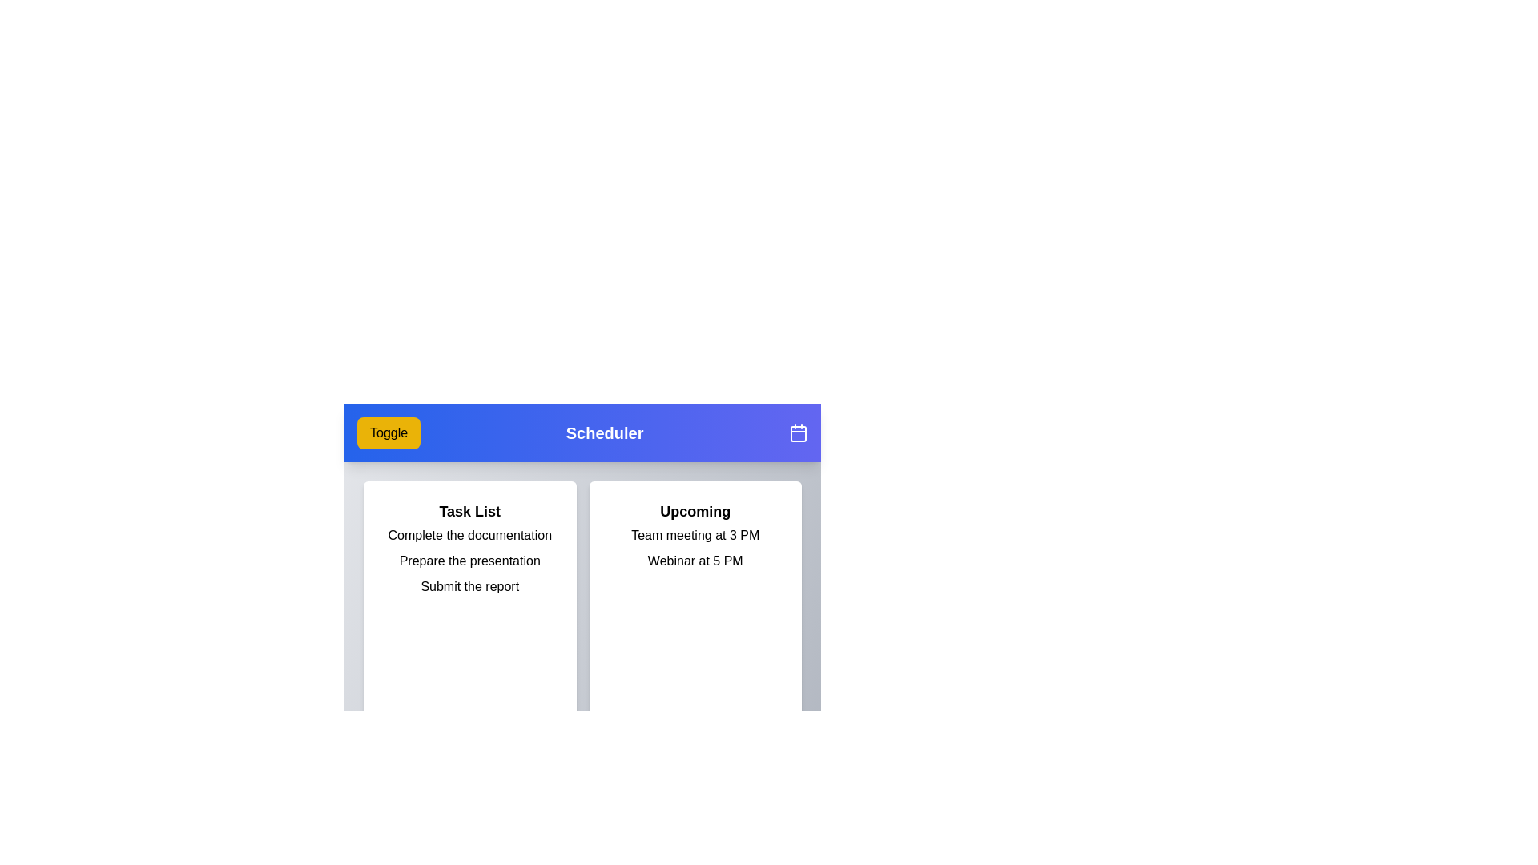 Image resolution: width=1538 pixels, height=865 pixels. Describe the element at coordinates (799, 432) in the screenshot. I see `the calendar icon in the AppBar` at that location.